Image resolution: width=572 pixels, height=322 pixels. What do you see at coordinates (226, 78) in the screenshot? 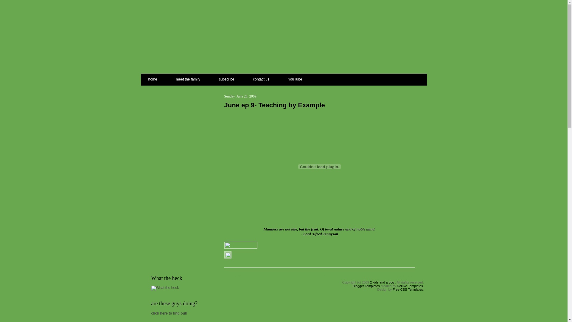
I see `'subscribe'` at bounding box center [226, 78].